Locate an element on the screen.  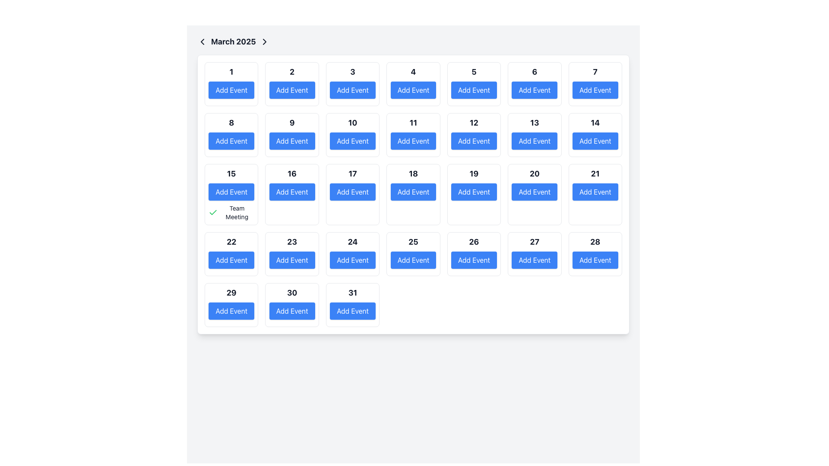
the text indicating the 20th day within the calendar interface, positioned in the fourth row and fourth column of the calendar grid is located at coordinates (534, 173).